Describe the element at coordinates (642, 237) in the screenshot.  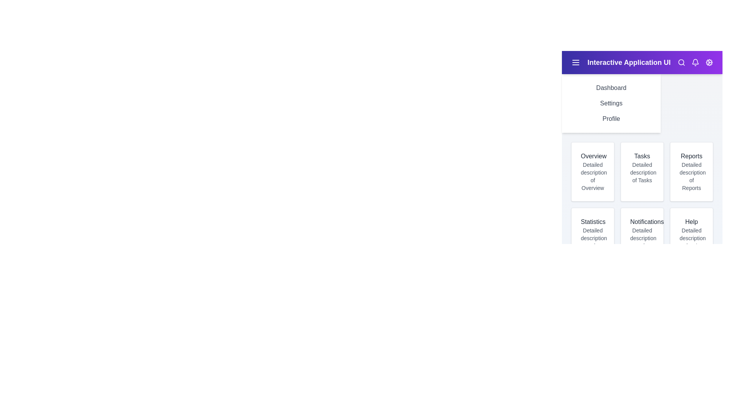
I see `the Notifications card to interact with its content` at that location.